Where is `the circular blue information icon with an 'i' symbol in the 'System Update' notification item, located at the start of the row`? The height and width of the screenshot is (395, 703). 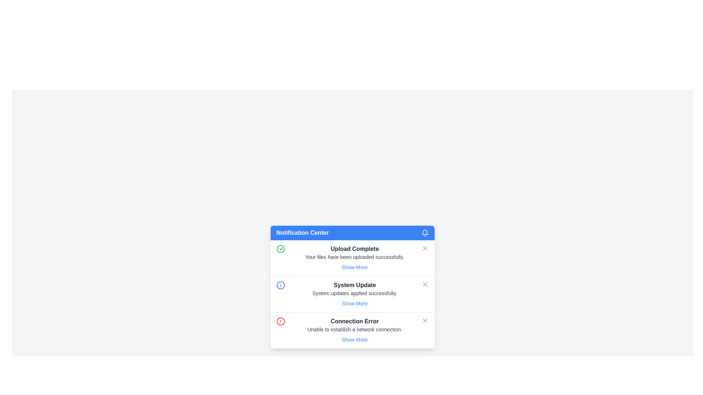
the circular blue information icon with an 'i' symbol in the 'System Update' notification item, located at the start of the row is located at coordinates (280, 285).